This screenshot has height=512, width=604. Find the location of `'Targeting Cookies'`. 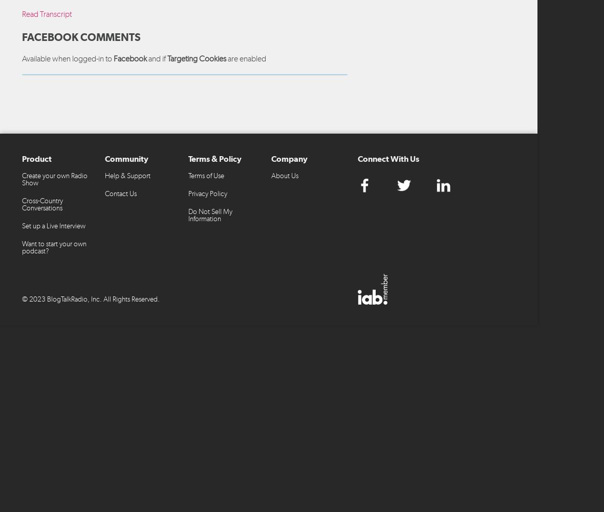

'Targeting Cookies' is located at coordinates (196, 57).